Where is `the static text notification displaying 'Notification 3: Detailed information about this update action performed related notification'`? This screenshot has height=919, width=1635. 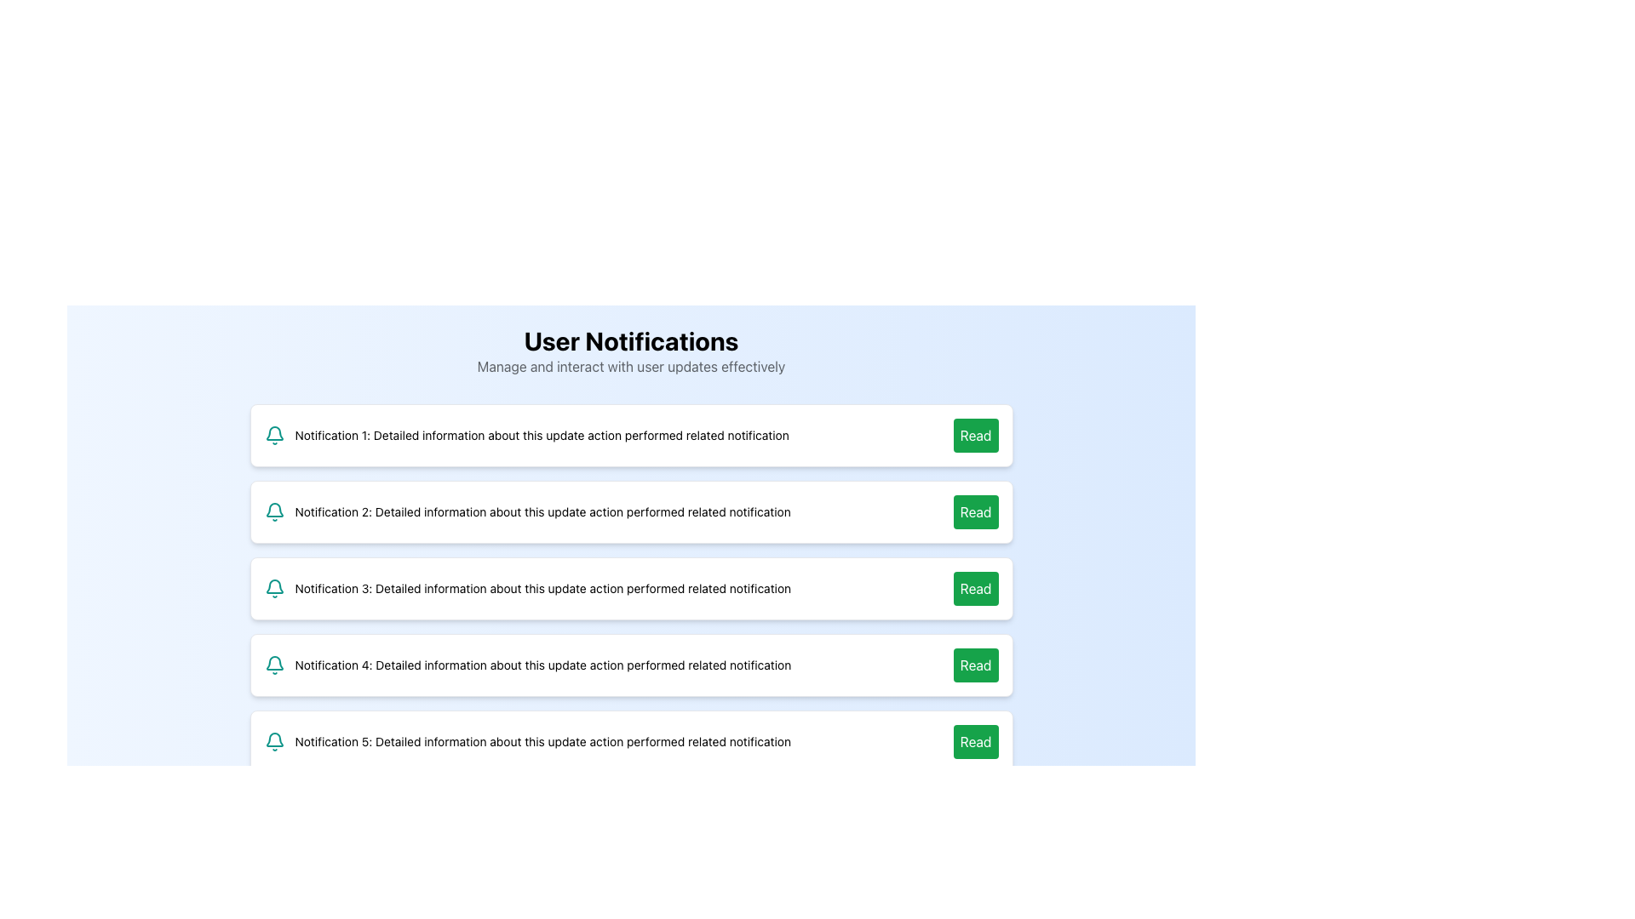
the static text notification displaying 'Notification 3: Detailed information about this update action performed related notification' is located at coordinates (542, 587).